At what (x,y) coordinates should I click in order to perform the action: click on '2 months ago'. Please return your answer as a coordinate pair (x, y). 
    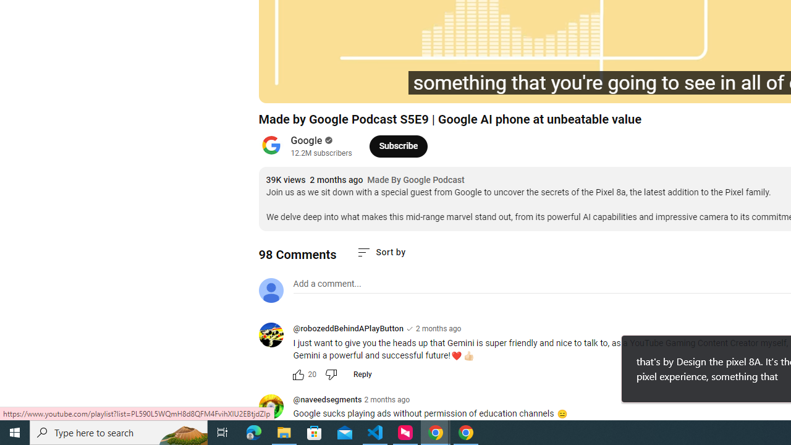
    Looking at the image, I should click on (386, 399).